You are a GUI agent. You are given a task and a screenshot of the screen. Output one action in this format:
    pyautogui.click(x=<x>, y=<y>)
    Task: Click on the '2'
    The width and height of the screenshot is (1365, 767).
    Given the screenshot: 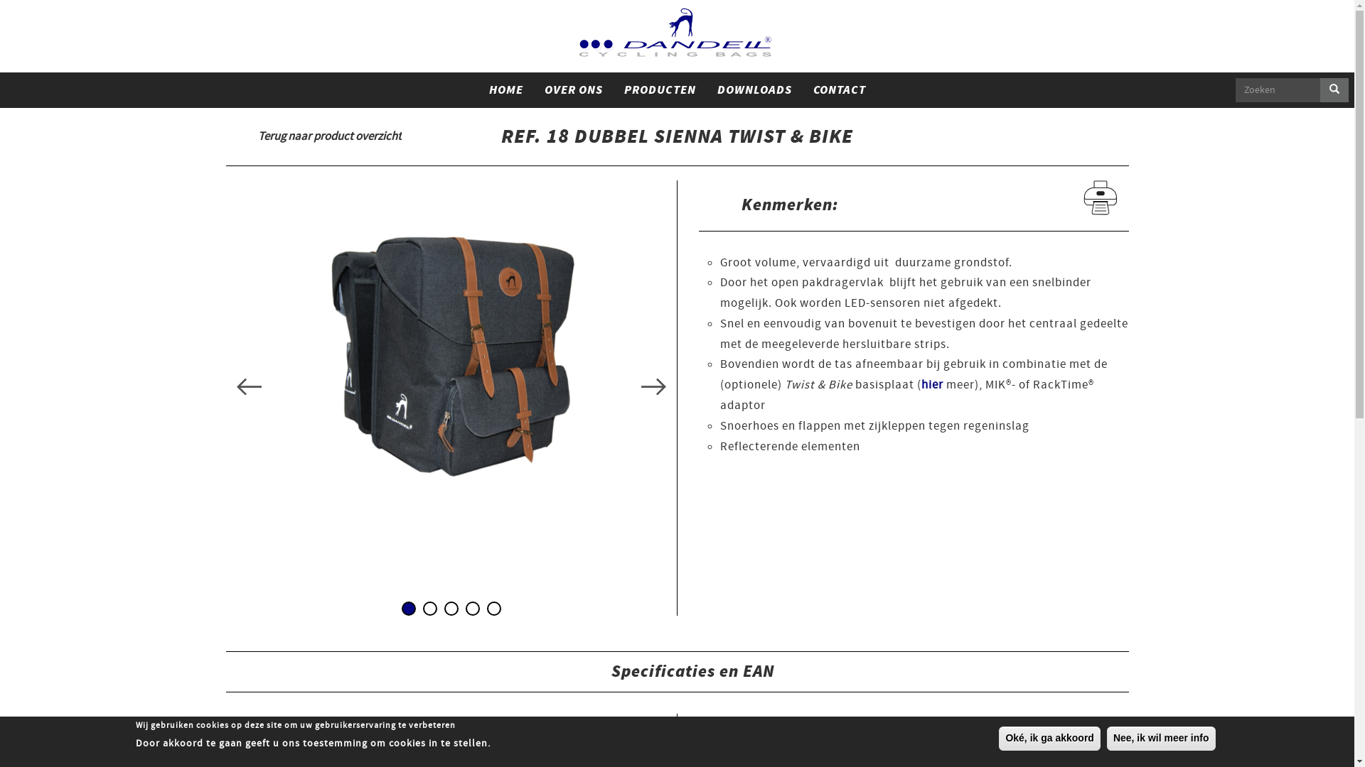 What is the action you would take?
    pyautogui.click(x=429, y=607)
    